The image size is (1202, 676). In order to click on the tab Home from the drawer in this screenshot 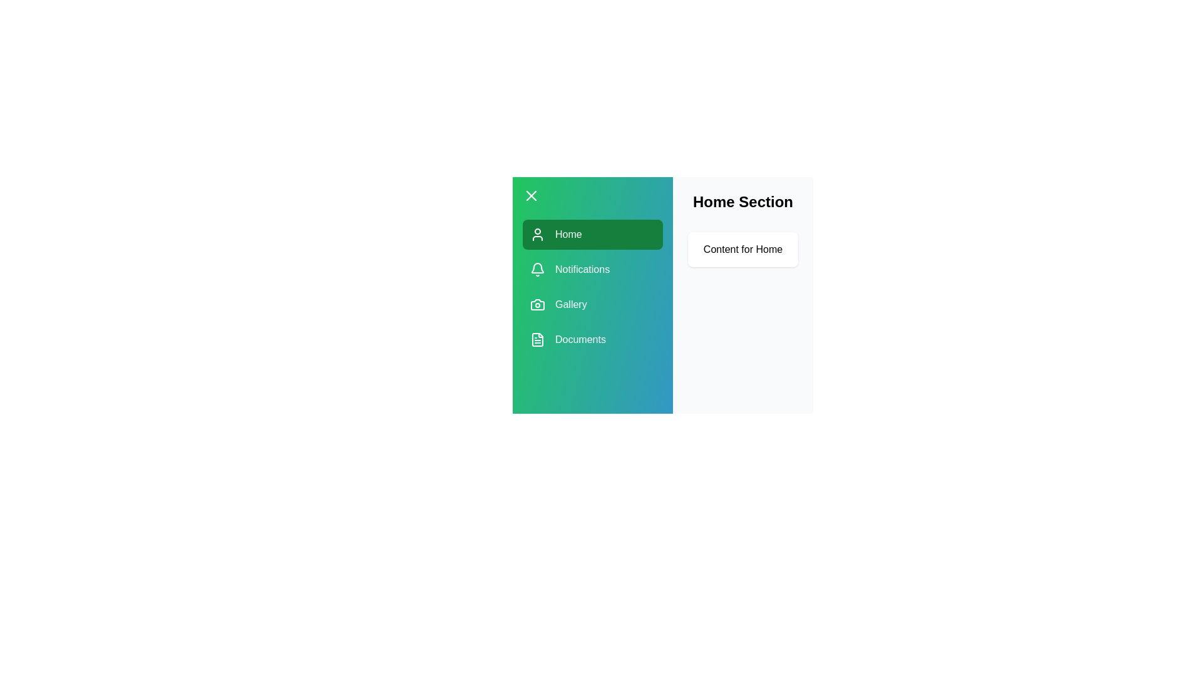, I will do `click(592, 234)`.